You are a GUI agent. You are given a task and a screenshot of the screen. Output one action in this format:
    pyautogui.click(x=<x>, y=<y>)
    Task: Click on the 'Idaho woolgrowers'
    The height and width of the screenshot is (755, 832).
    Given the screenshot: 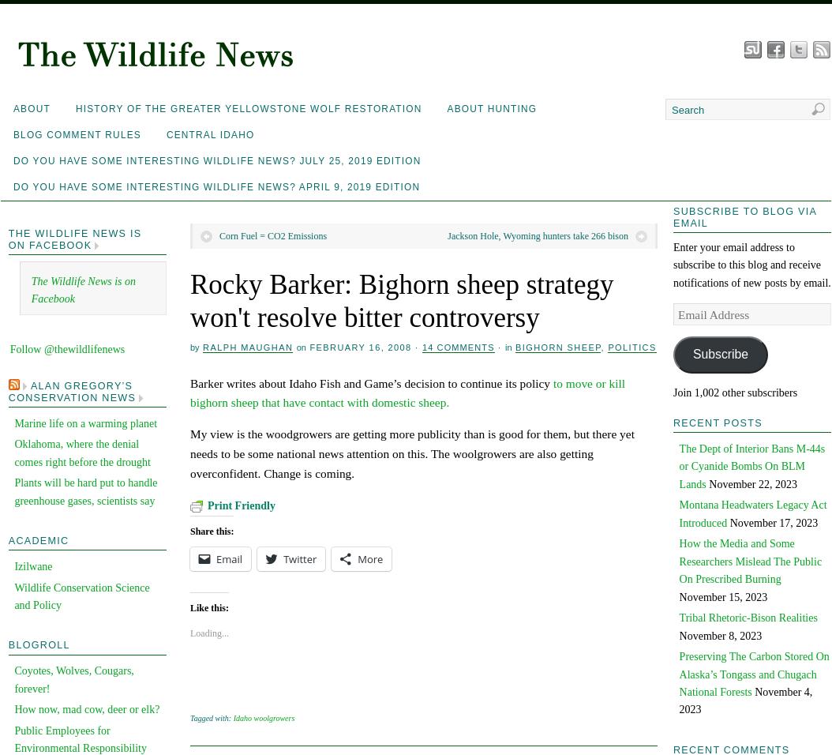 What is the action you would take?
    pyautogui.click(x=264, y=718)
    